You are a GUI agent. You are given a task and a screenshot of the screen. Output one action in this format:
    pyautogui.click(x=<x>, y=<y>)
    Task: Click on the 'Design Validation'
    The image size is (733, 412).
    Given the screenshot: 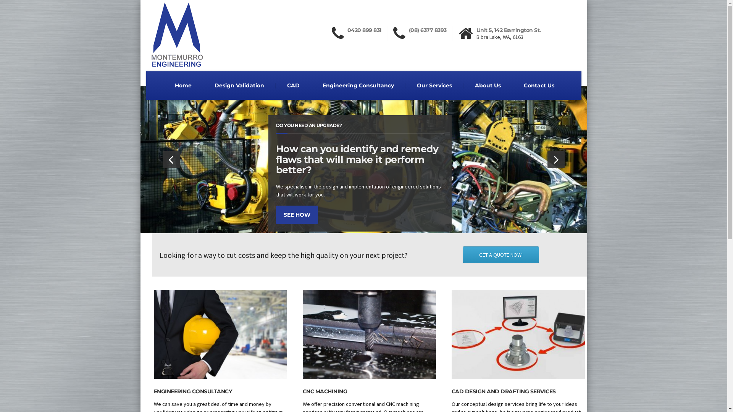 What is the action you would take?
    pyautogui.click(x=203, y=85)
    